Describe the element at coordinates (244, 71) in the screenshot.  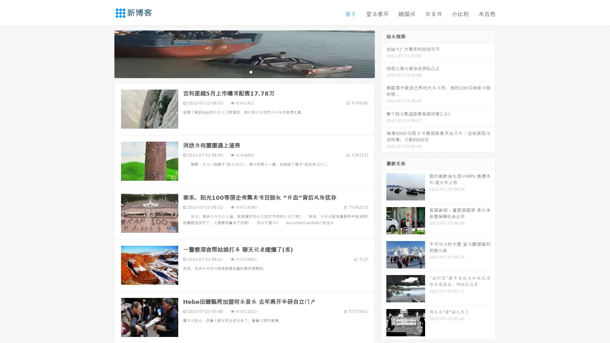
I see `Go to slide 2` at that location.